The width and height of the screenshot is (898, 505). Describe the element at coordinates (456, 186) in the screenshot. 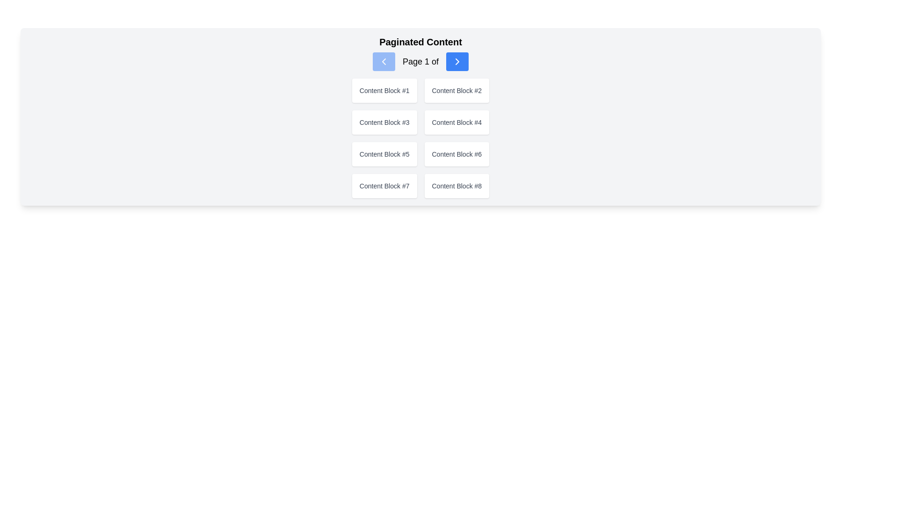

I see `text content of the Text Label displaying 'Content Block #8', which is located in the lower-right position within a grid layout of content blocks` at that location.